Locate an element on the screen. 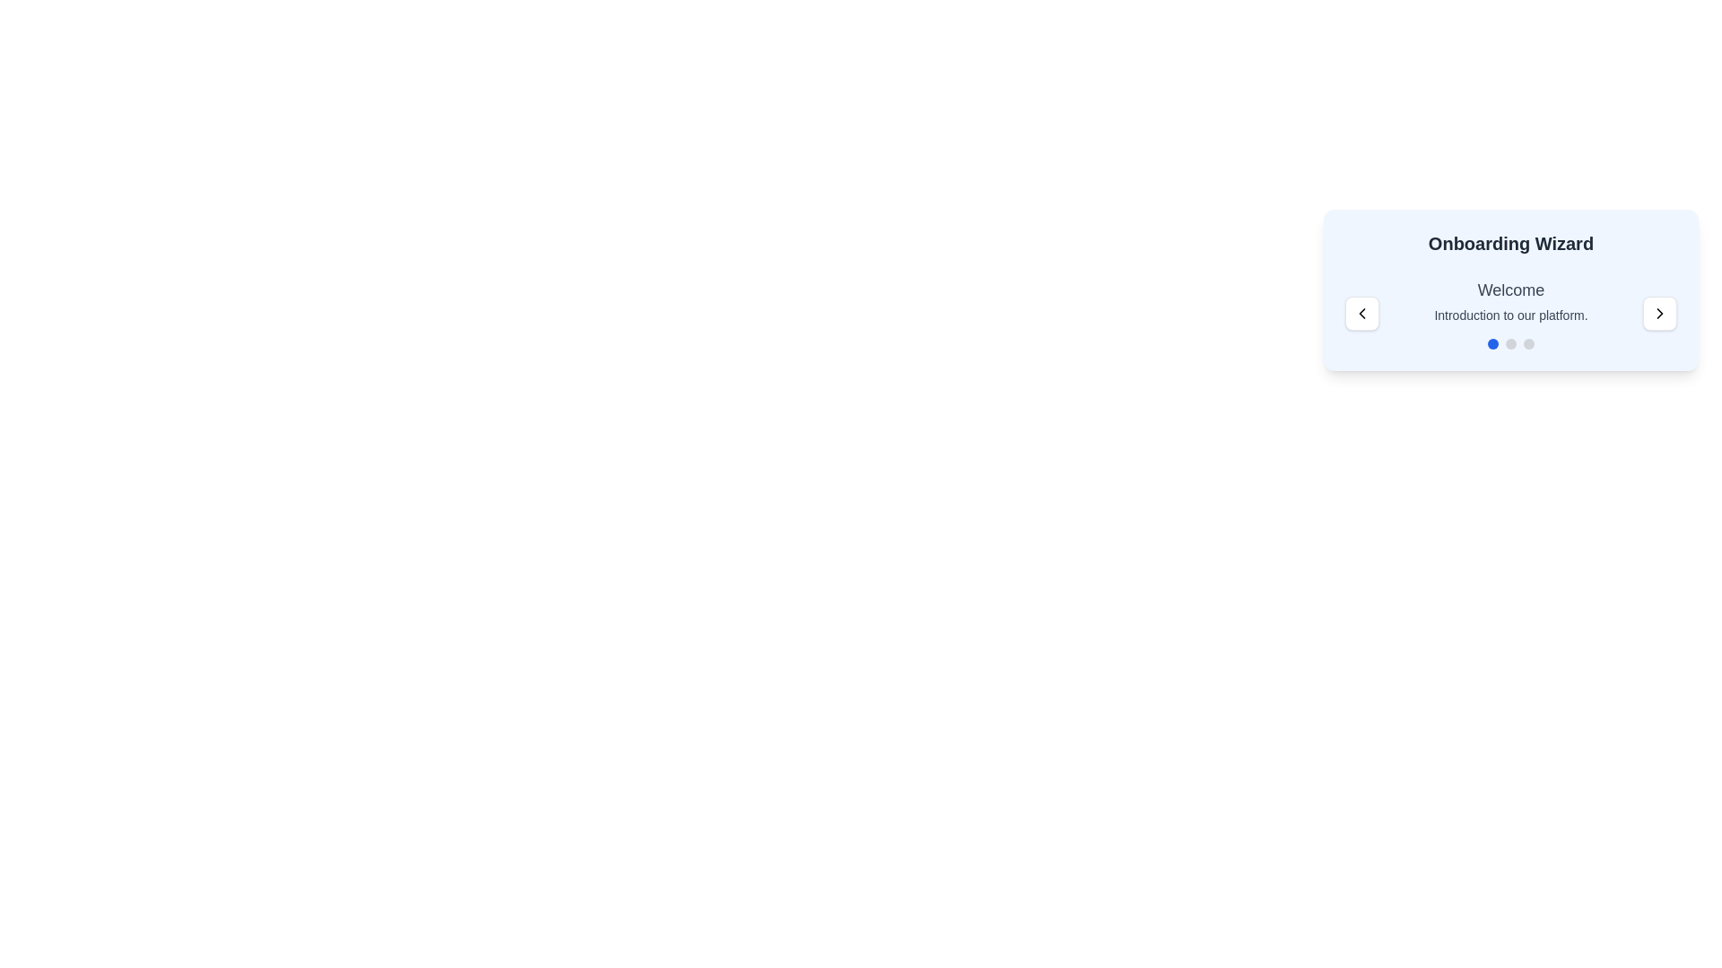  the rectangular button with rounded corners, a white background, and a right-facing chevron icon is located at coordinates (1659, 313).